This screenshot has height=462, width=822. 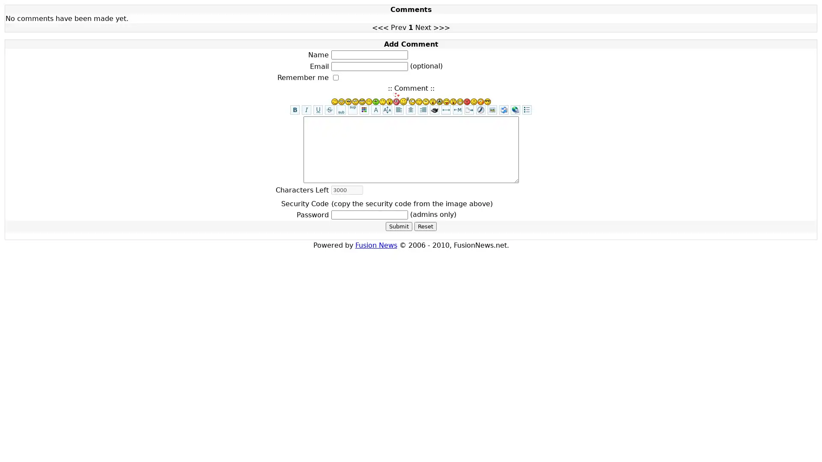 I want to click on Reset, so click(x=425, y=226).